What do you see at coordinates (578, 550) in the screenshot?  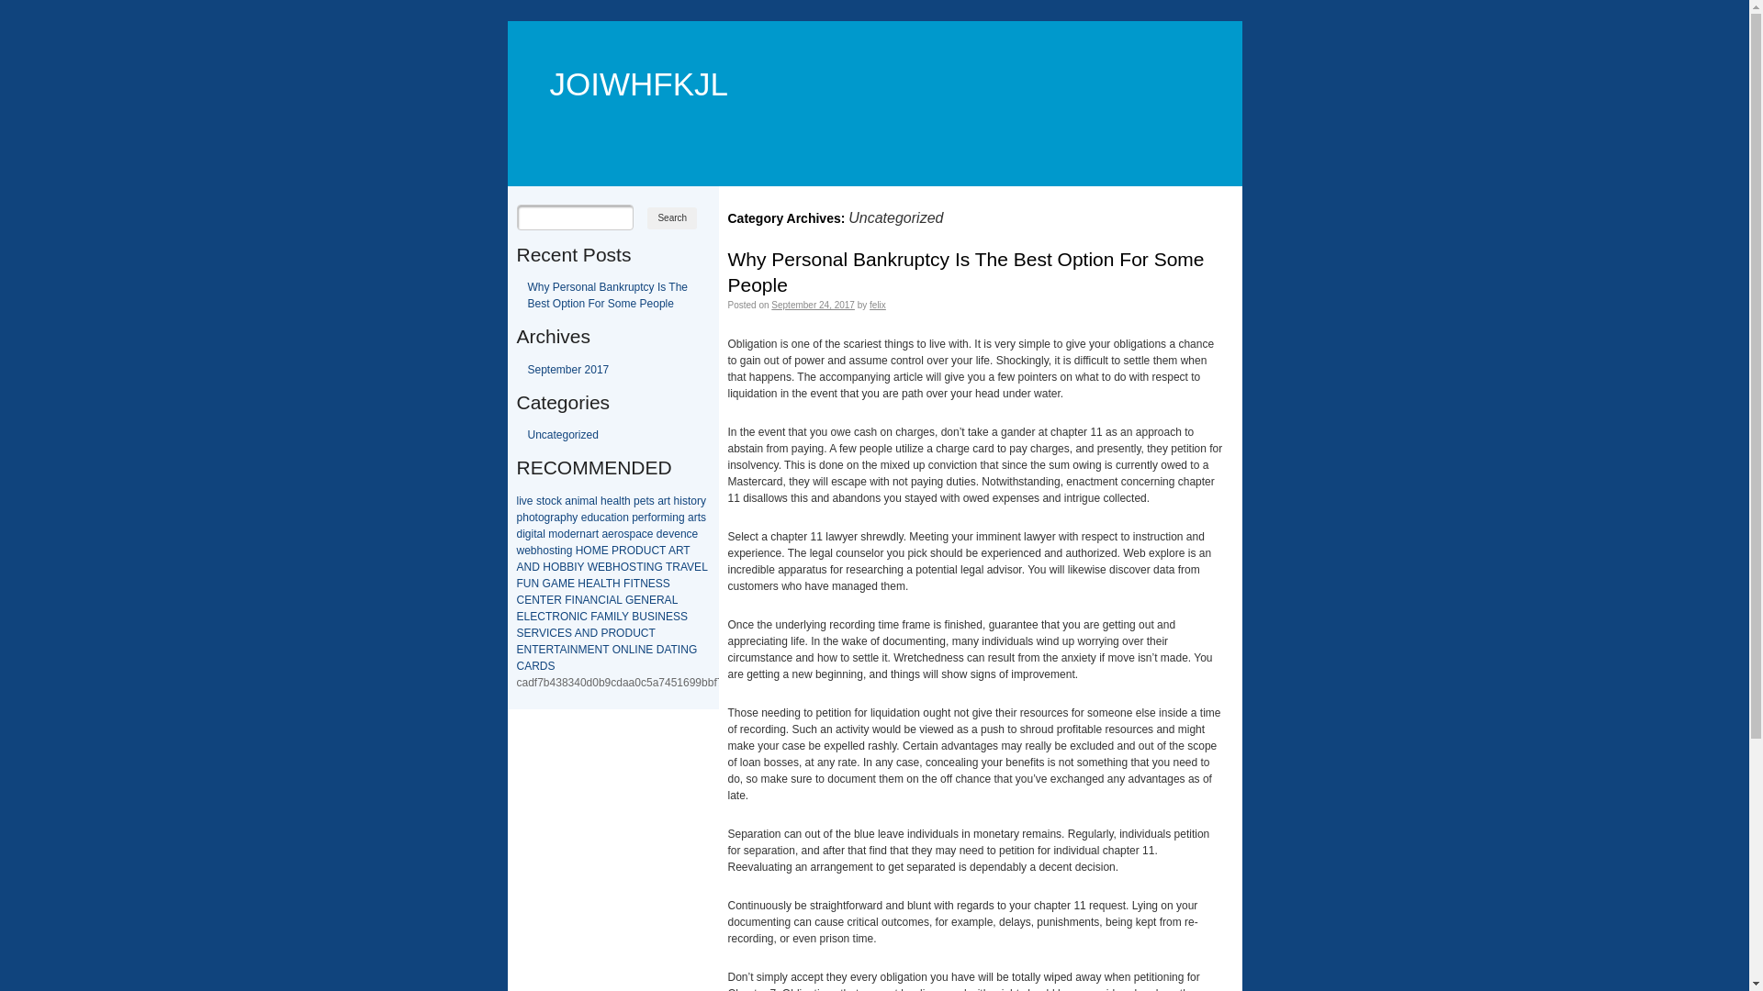 I see `'H'` at bounding box center [578, 550].